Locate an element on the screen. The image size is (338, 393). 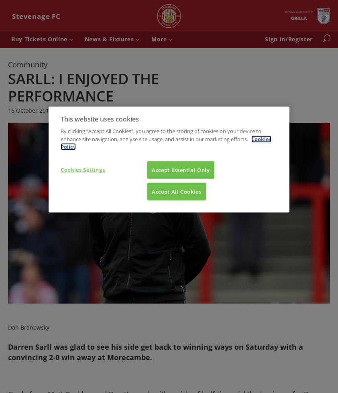
'News & Fixtures' is located at coordinates (110, 39).